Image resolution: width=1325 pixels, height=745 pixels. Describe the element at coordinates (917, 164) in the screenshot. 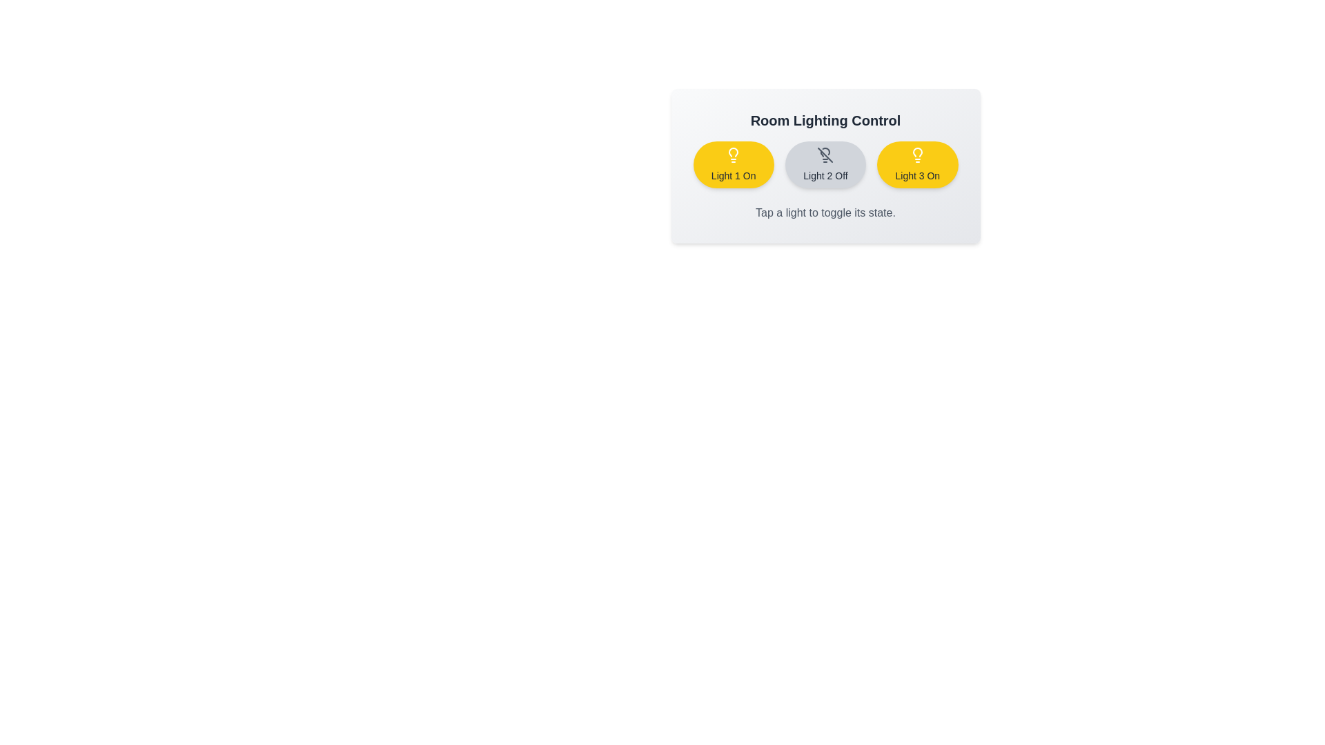

I see `the button corresponding to Light 3 to toggle its state` at that location.